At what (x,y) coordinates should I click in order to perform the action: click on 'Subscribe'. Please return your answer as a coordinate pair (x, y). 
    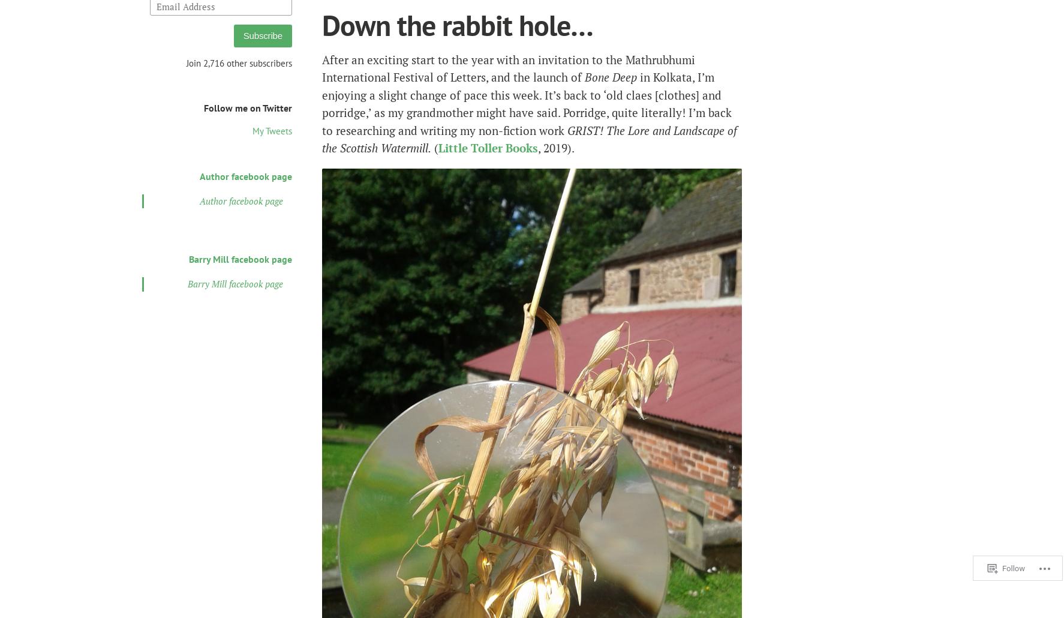
    Looking at the image, I should click on (262, 35).